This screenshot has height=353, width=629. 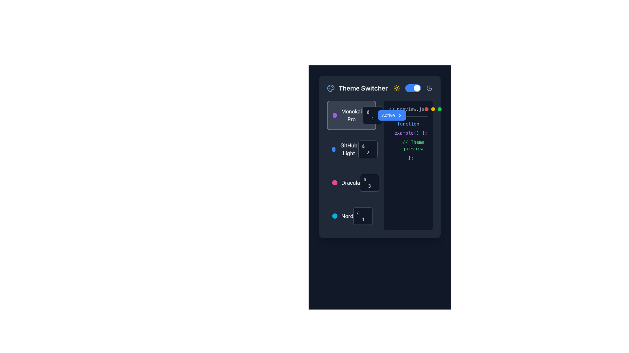 I want to click on the toggle switch located between the sun icon and moon icon in the header of the interface, so click(x=413, y=88).